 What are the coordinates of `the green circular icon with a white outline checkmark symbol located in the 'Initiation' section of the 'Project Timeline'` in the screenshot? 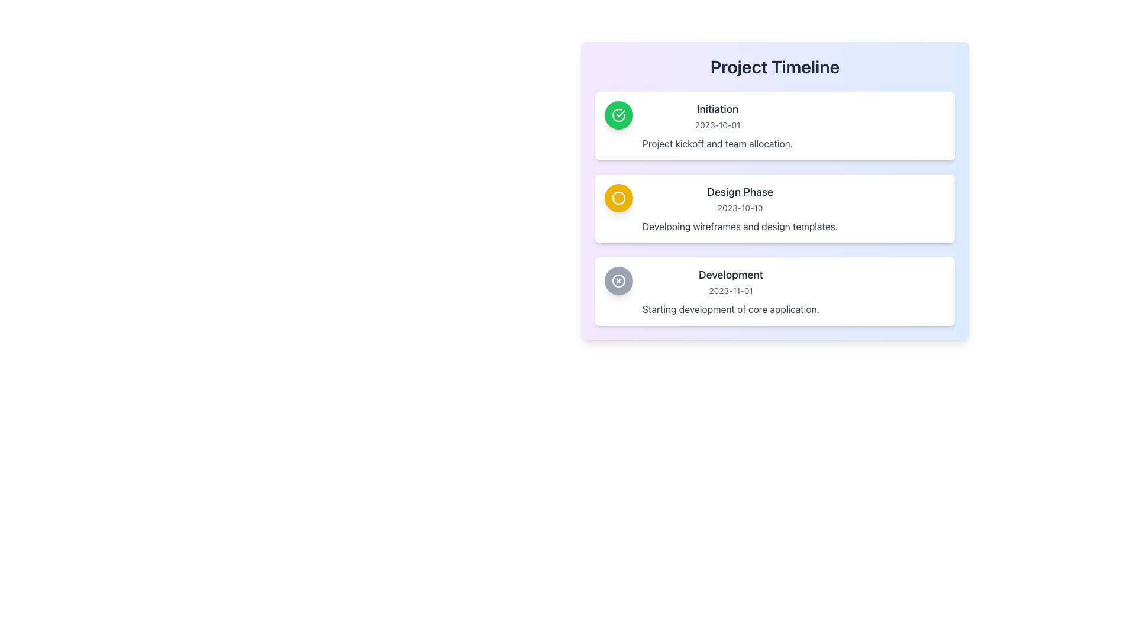 It's located at (618, 115).